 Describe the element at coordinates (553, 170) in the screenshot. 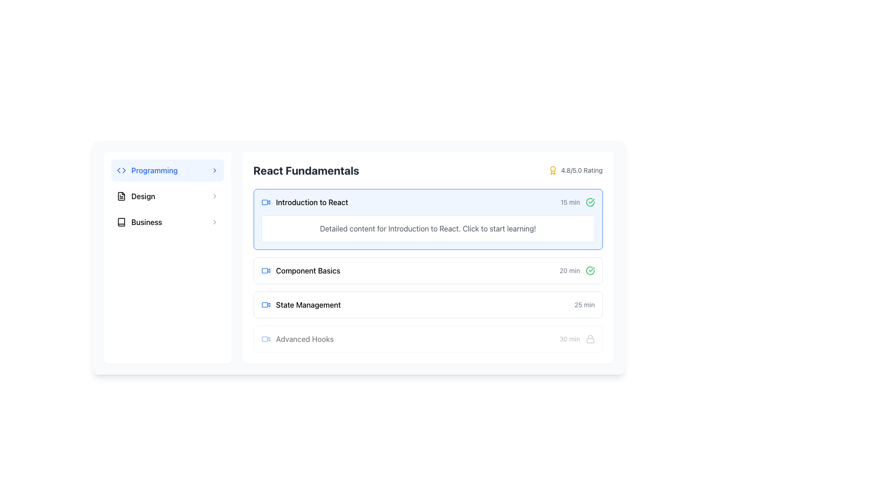

I see `the decorative award ribbon icon located to the left of the '4.8/5.0 Rating' text in the top right corner of the 'React Fundamentals' section` at that location.